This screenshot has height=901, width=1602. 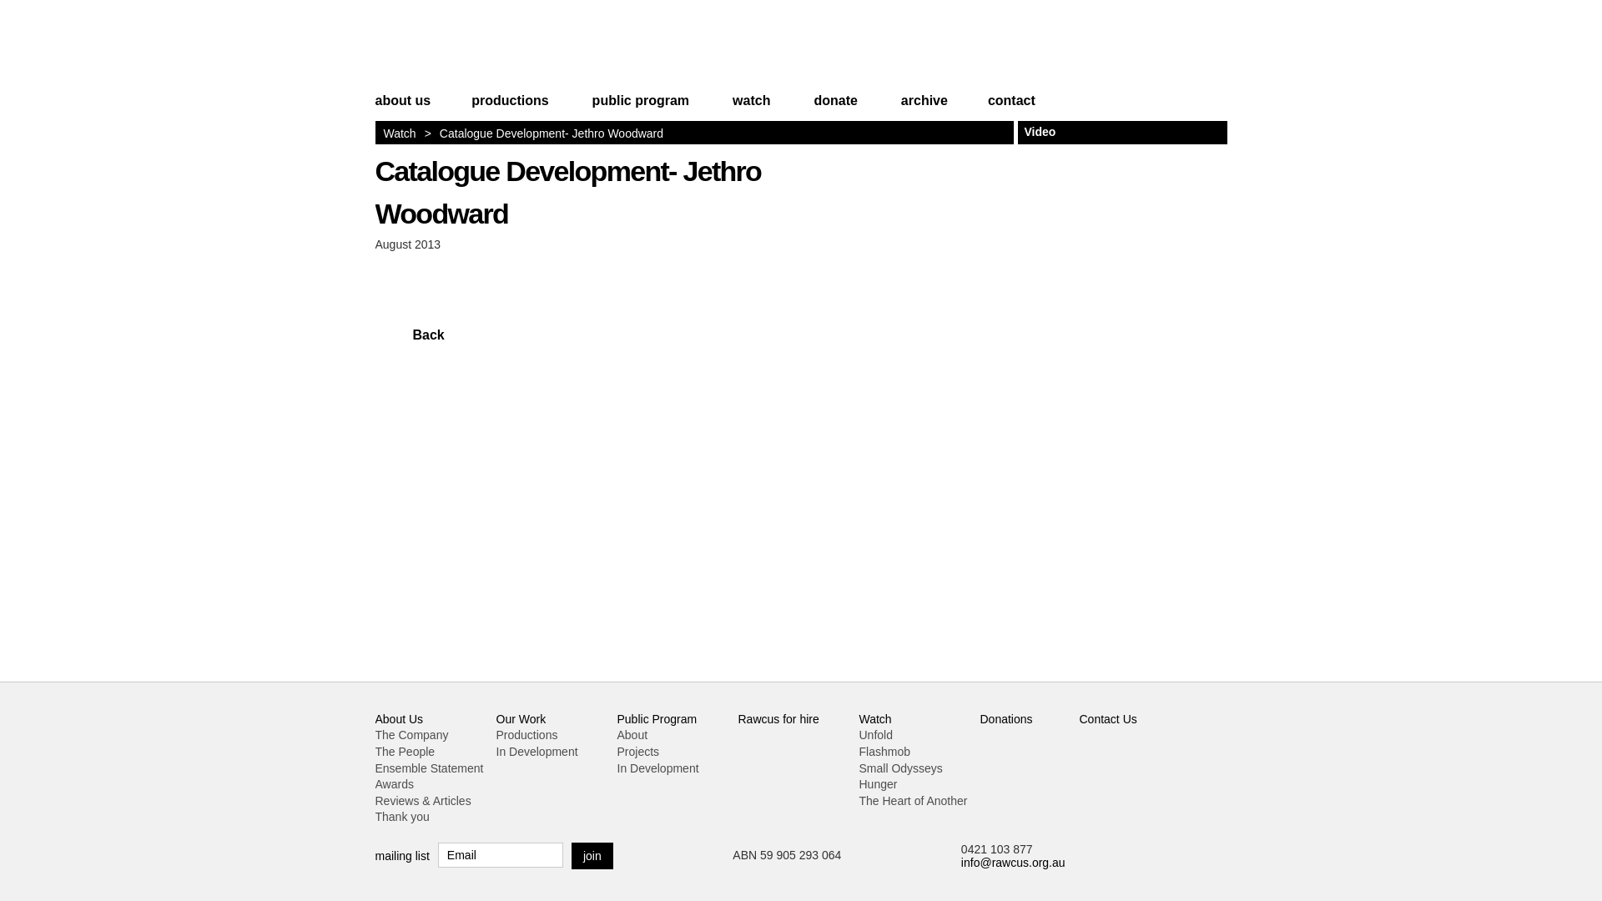 What do you see at coordinates (375, 733) in the screenshot?
I see `'The Company'` at bounding box center [375, 733].